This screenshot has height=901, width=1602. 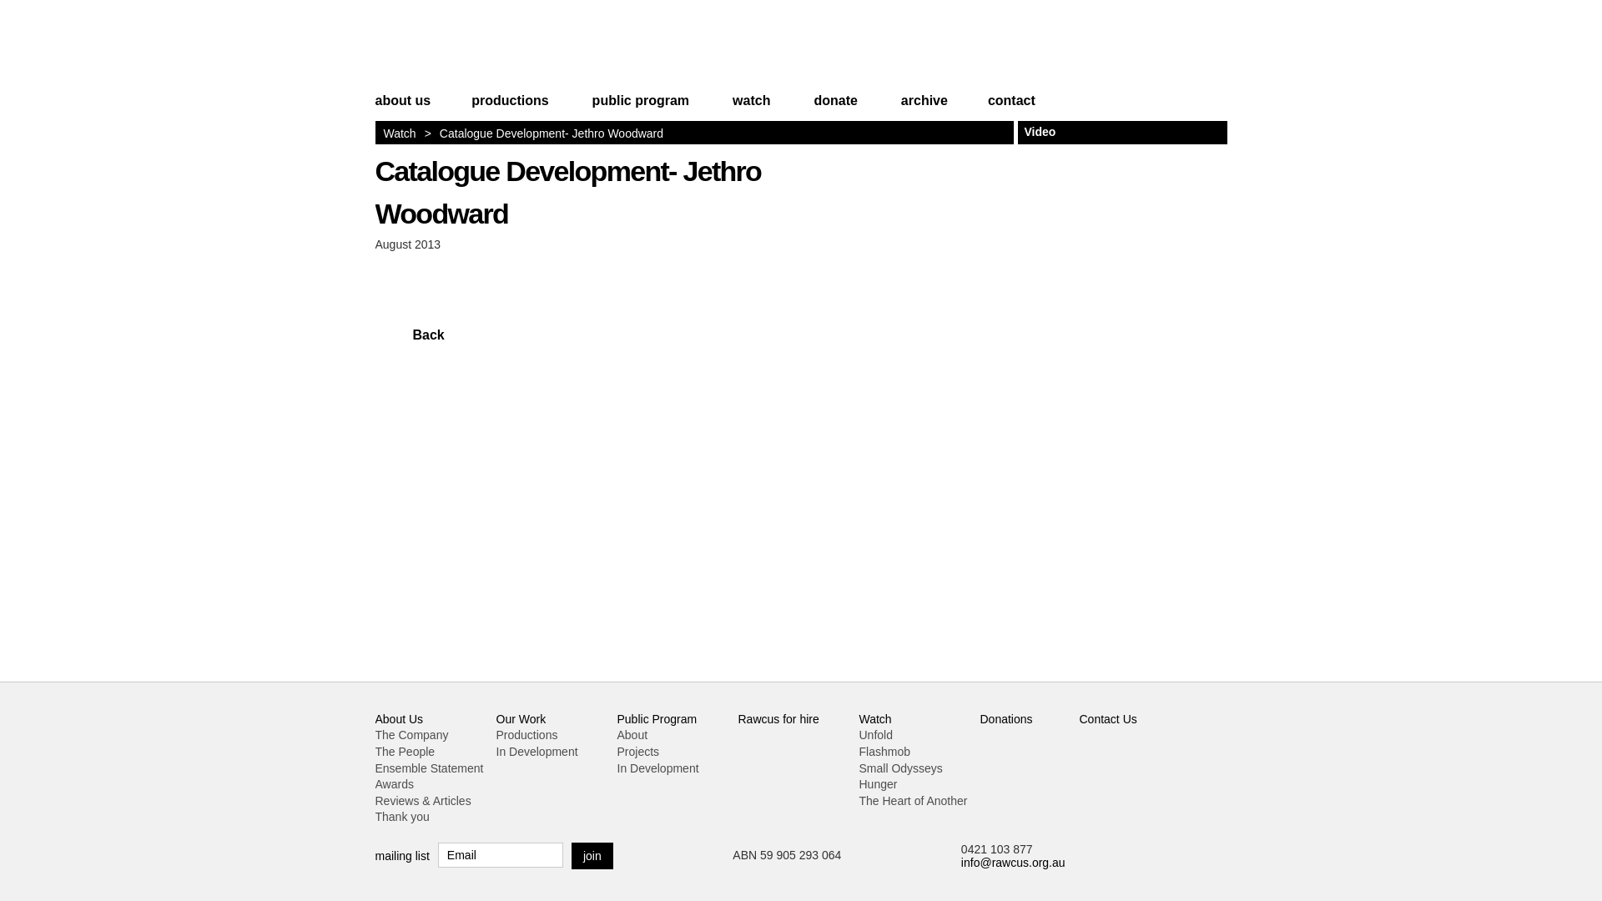 What do you see at coordinates (375, 733) in the screenshot?
I see `'The Company'` at bounding box center [375, 733].